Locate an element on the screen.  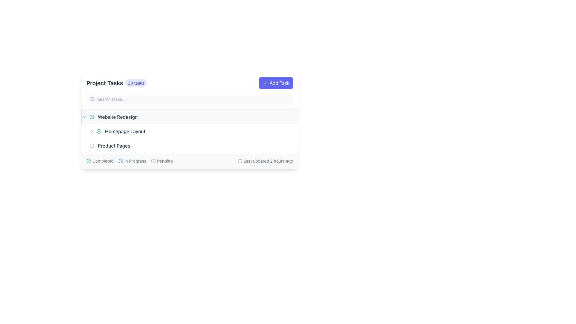
the circular gray outlined icon located to the left of the text 'Product Pages' is located at coordinates (91, 146).